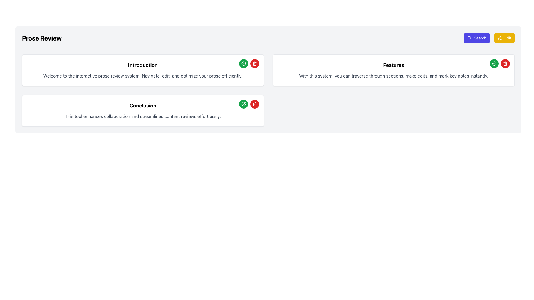 The height and width of the screenshot is (300, 534). What do you see at coordinates (143, 111) in the screenshot?
I see `the Informational Card, which is the third card in the grid layout, located beneath the 'Introduction' card and next to the 'Features' card` at bounding box center [143, 111].